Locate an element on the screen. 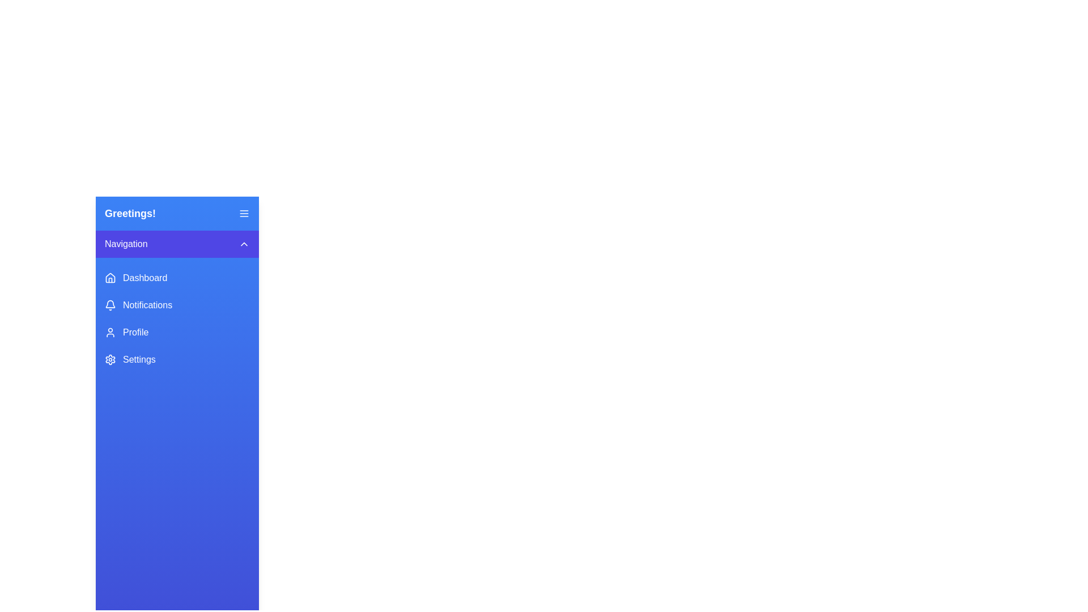 The height and width of the screenshot is (612, 1088). the 'Dashboard' icon located in the left sidebar is located at coordinates (110, 278).